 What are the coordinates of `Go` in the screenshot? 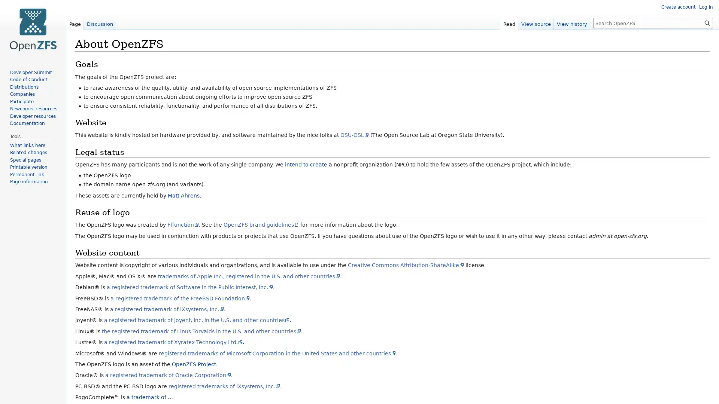 It's located at (707, 22).